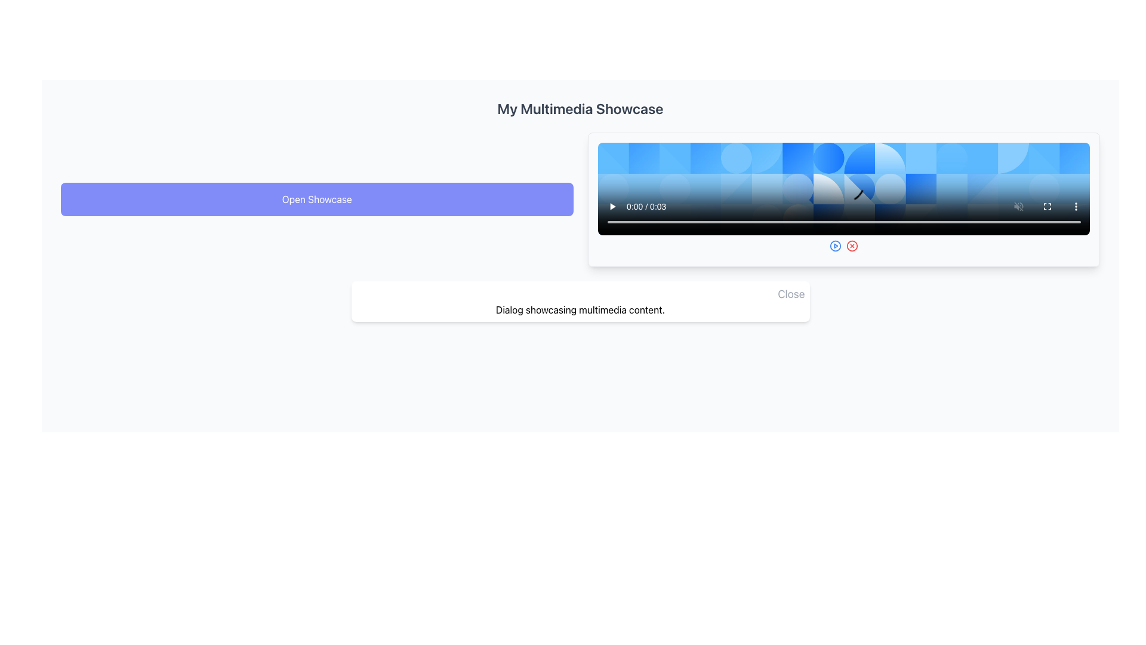 Image resolution: width=1146 pixels, height=645 pixels. Describe the element at coordinates (791, 294) in the screenshot. I see `the 'Close' button located at the top-right corner of the multimedia dialog` at that location.